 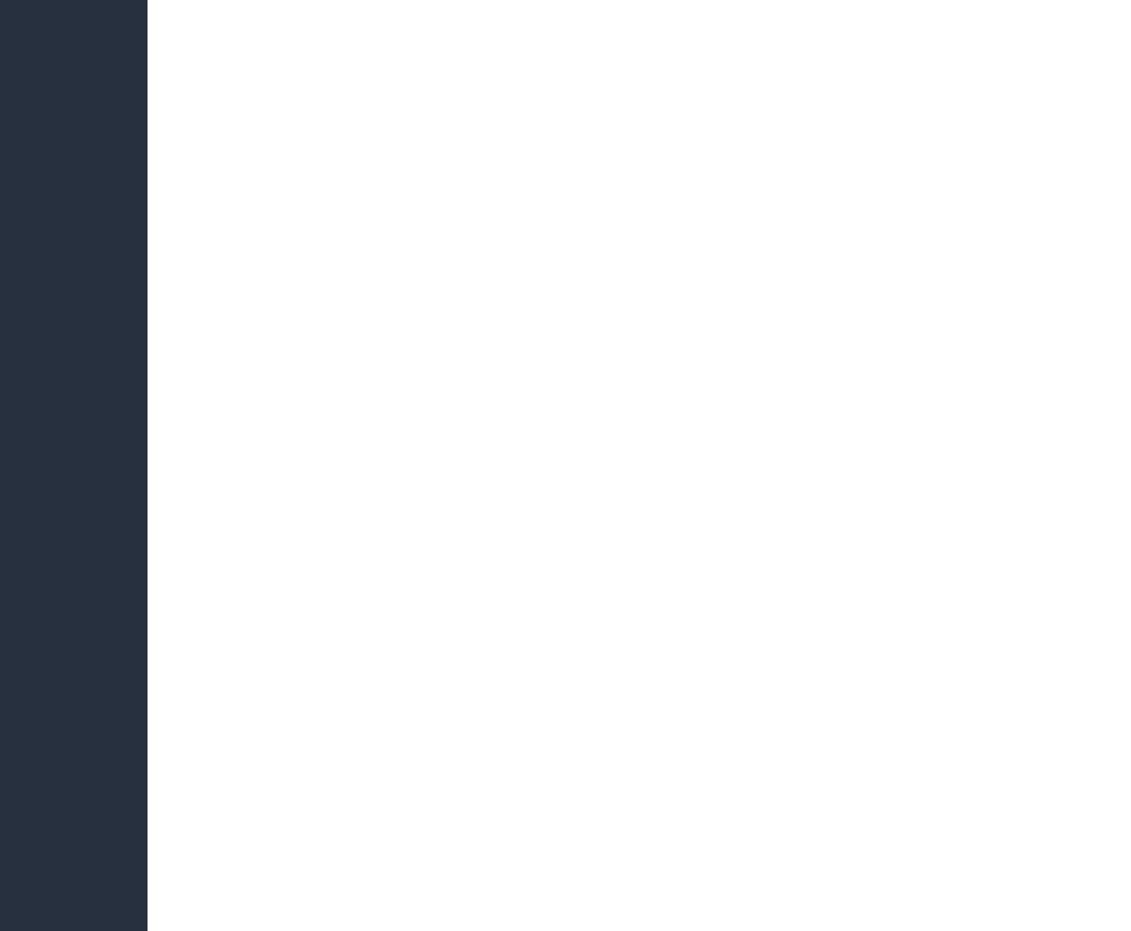 I want to click on 'The Nordic Region is stepping up its efforts to reduce food waste', so click(x=847, y=229).